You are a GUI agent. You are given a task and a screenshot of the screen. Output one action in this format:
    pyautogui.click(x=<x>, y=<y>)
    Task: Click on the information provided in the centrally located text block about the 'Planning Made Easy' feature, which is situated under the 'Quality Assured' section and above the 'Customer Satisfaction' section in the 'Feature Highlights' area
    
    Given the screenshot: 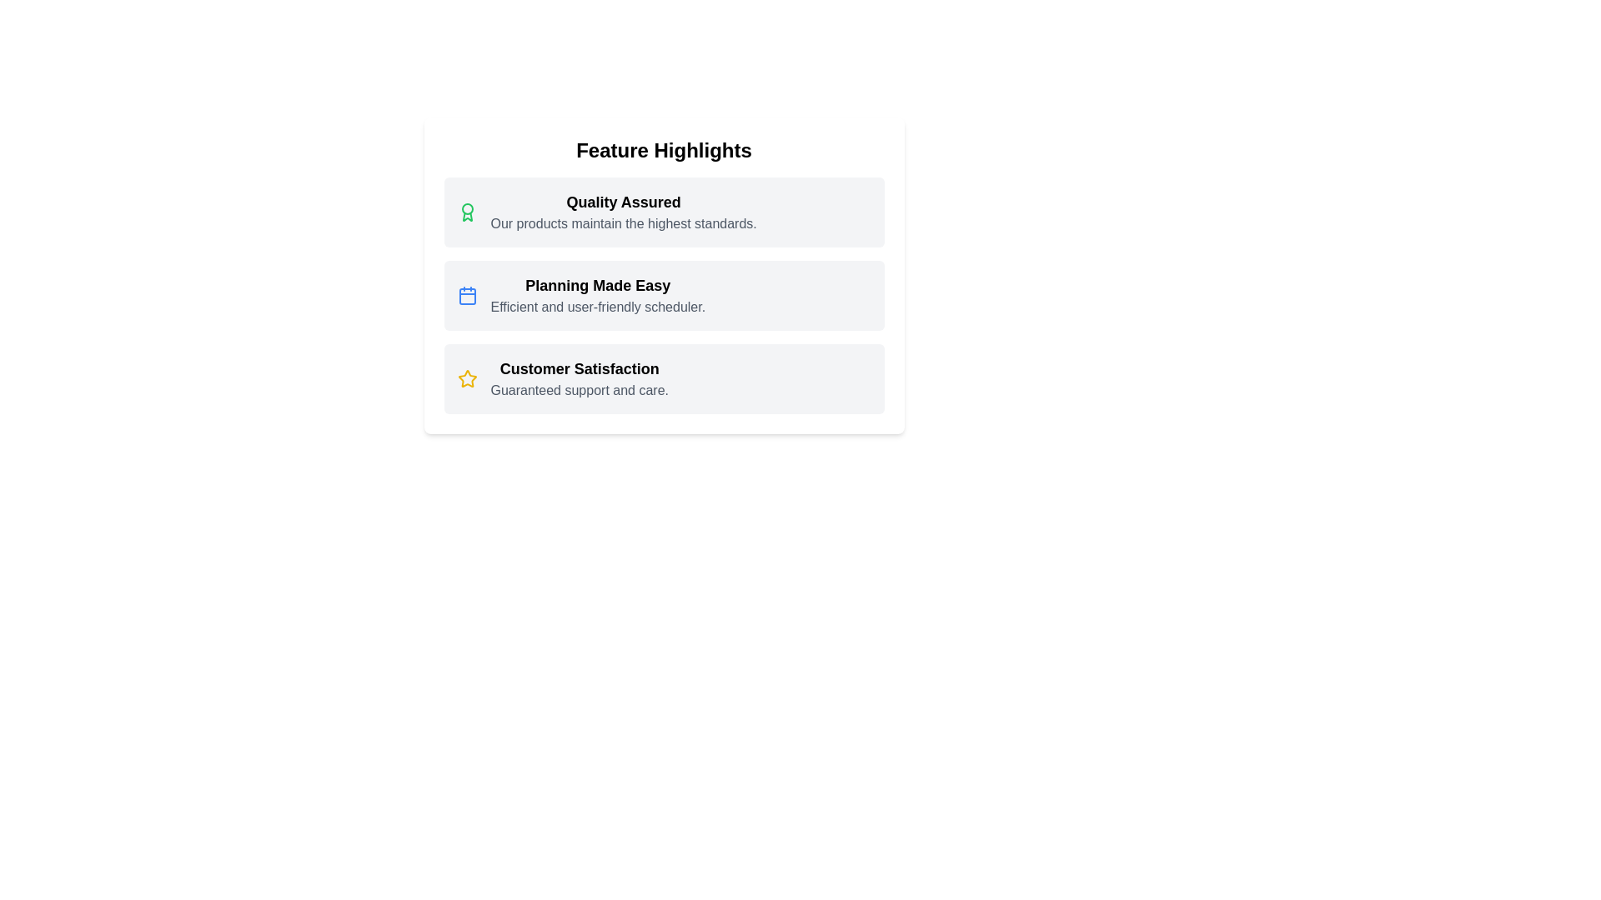 What is the action you would take?
    pyautogui.click(x=598, y=294)
    